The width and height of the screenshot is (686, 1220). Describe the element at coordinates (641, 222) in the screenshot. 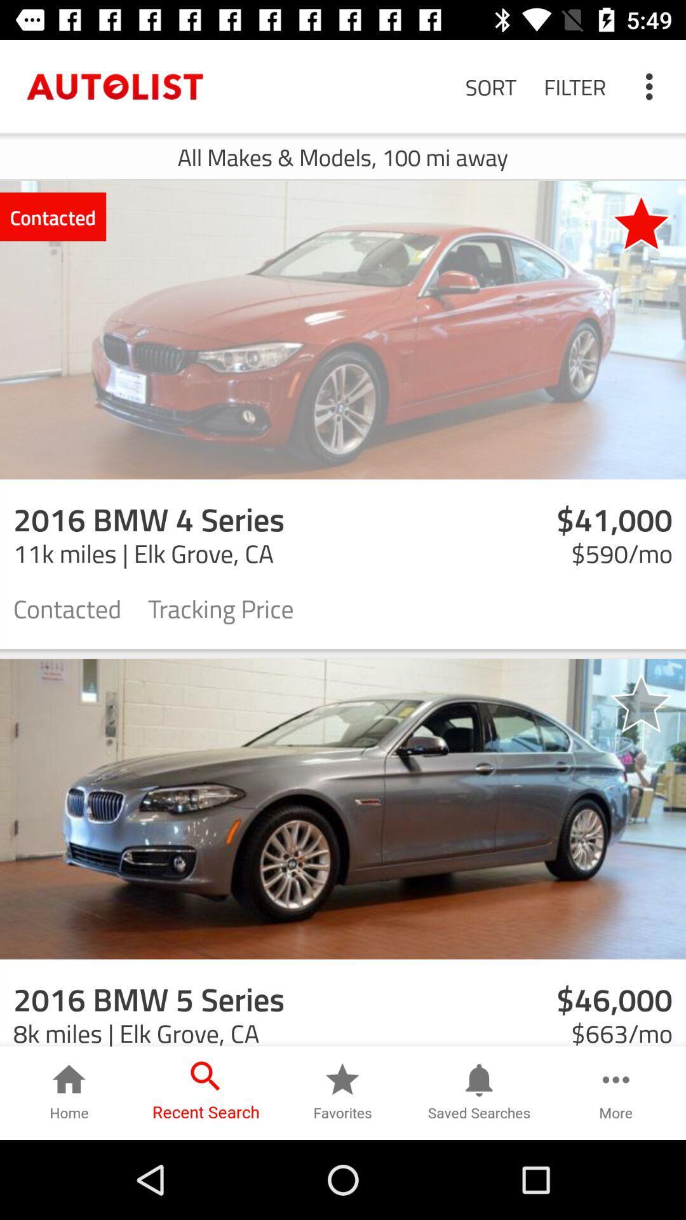

I see `icon to the right of contacted item` at that location.